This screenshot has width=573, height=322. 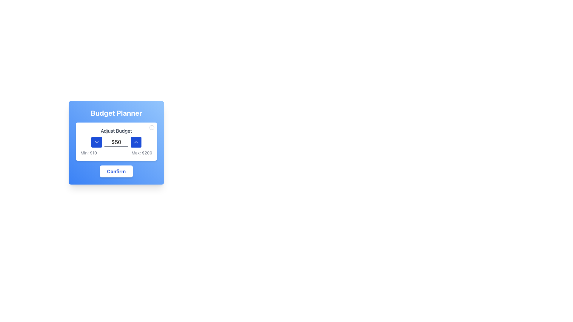 What do you see at coordinates (97, 142) in the screenshot?
I see `the blue square button with rounded corners containing a white downward-pointing chevron icon, located within the 'Adjust Budget' box` at bounding box center [97, 142].